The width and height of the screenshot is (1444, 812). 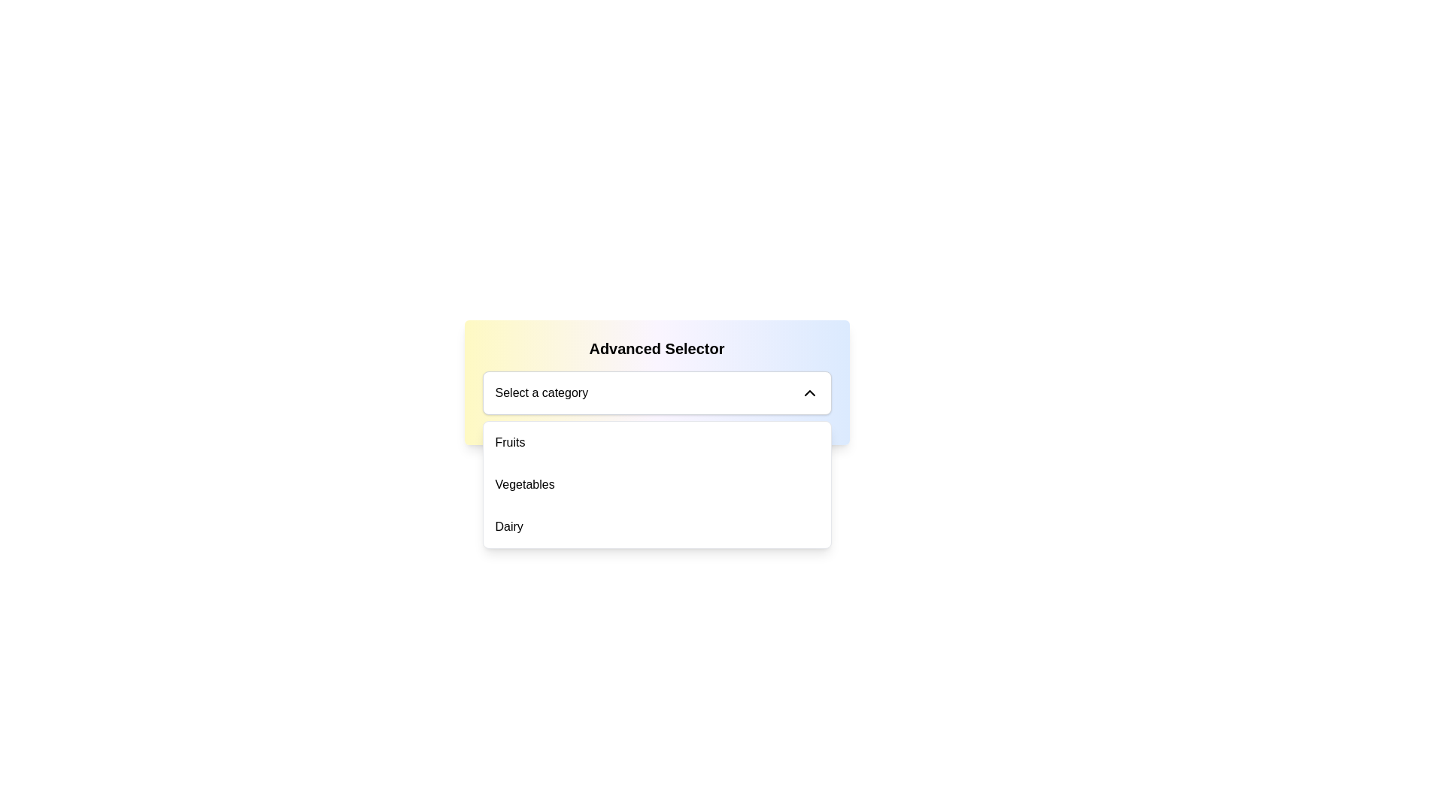 What do you see at coordinates (525, 484) in the screenshot?
I see `the 'Vegetables' text label in the dropdown menu under 'Advanced Selector'` at bounding box center [525, 484].